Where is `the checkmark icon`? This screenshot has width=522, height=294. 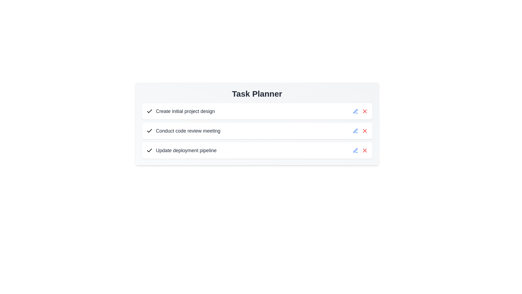 the checkmark icon is located at coordinates (149, 111).